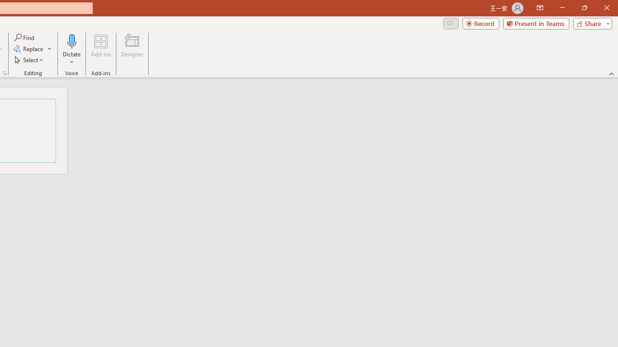 The image size is (618, 347). What do you see at coordinates (5, 72) in the screenshot?
I see `'Format Object...'` at bounding box center [5, 72].